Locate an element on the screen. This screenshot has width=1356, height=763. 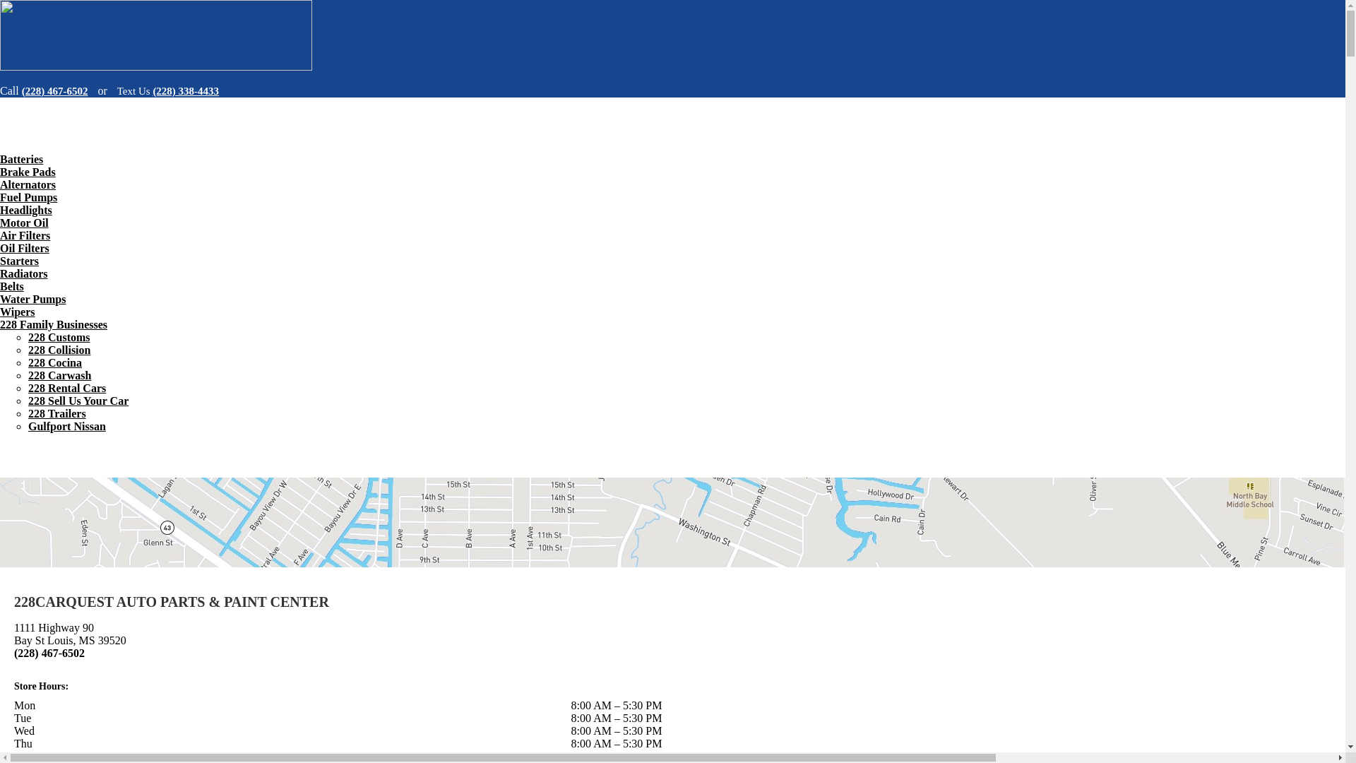
'(228) 338-4433' is located at coordinates (185, 90).